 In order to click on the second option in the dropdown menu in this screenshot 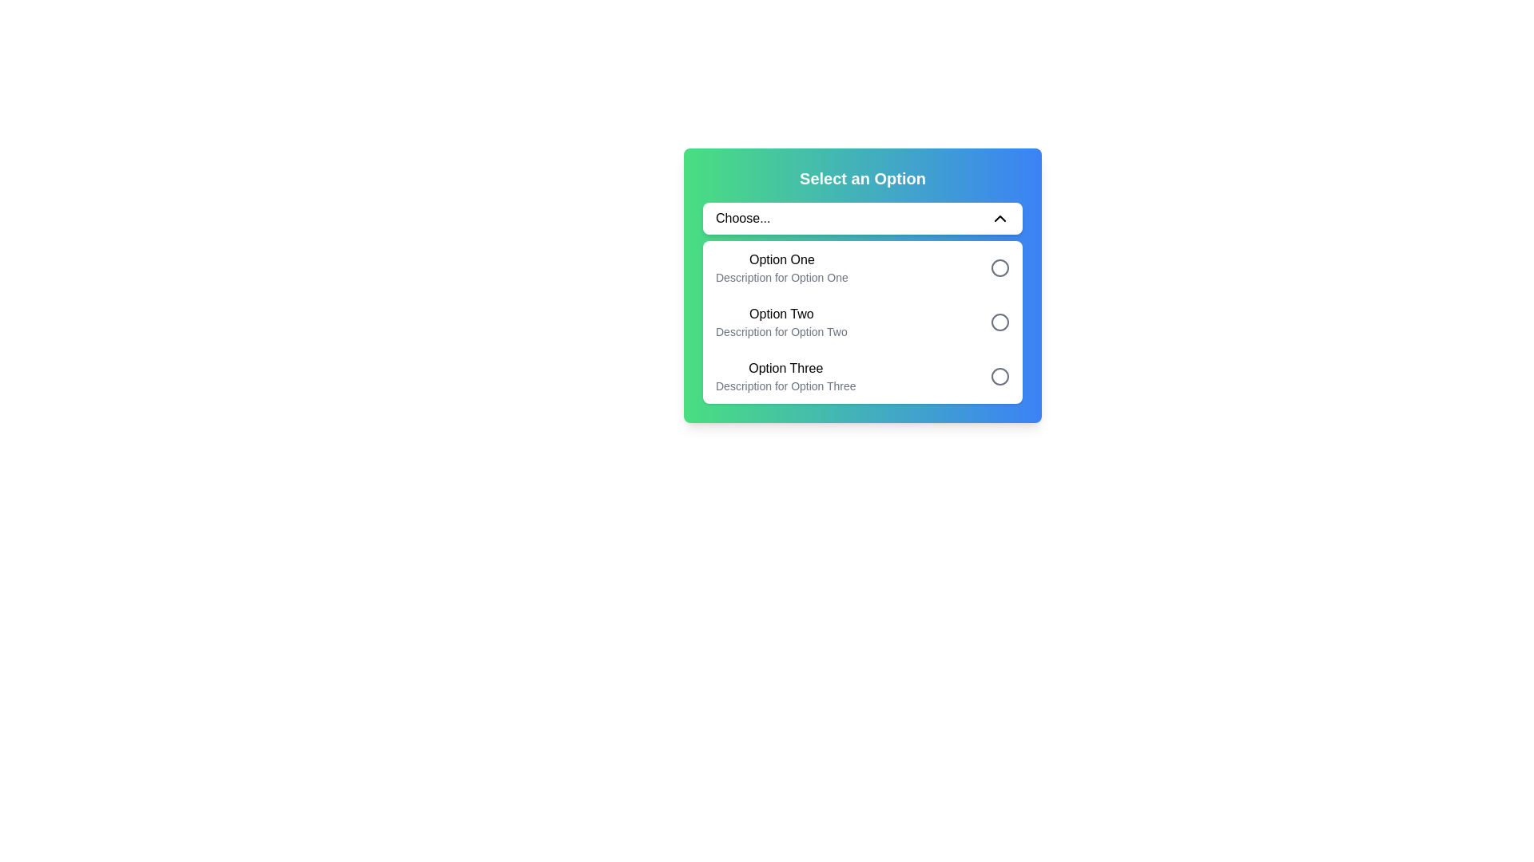, I will do `click(862, 322)`.